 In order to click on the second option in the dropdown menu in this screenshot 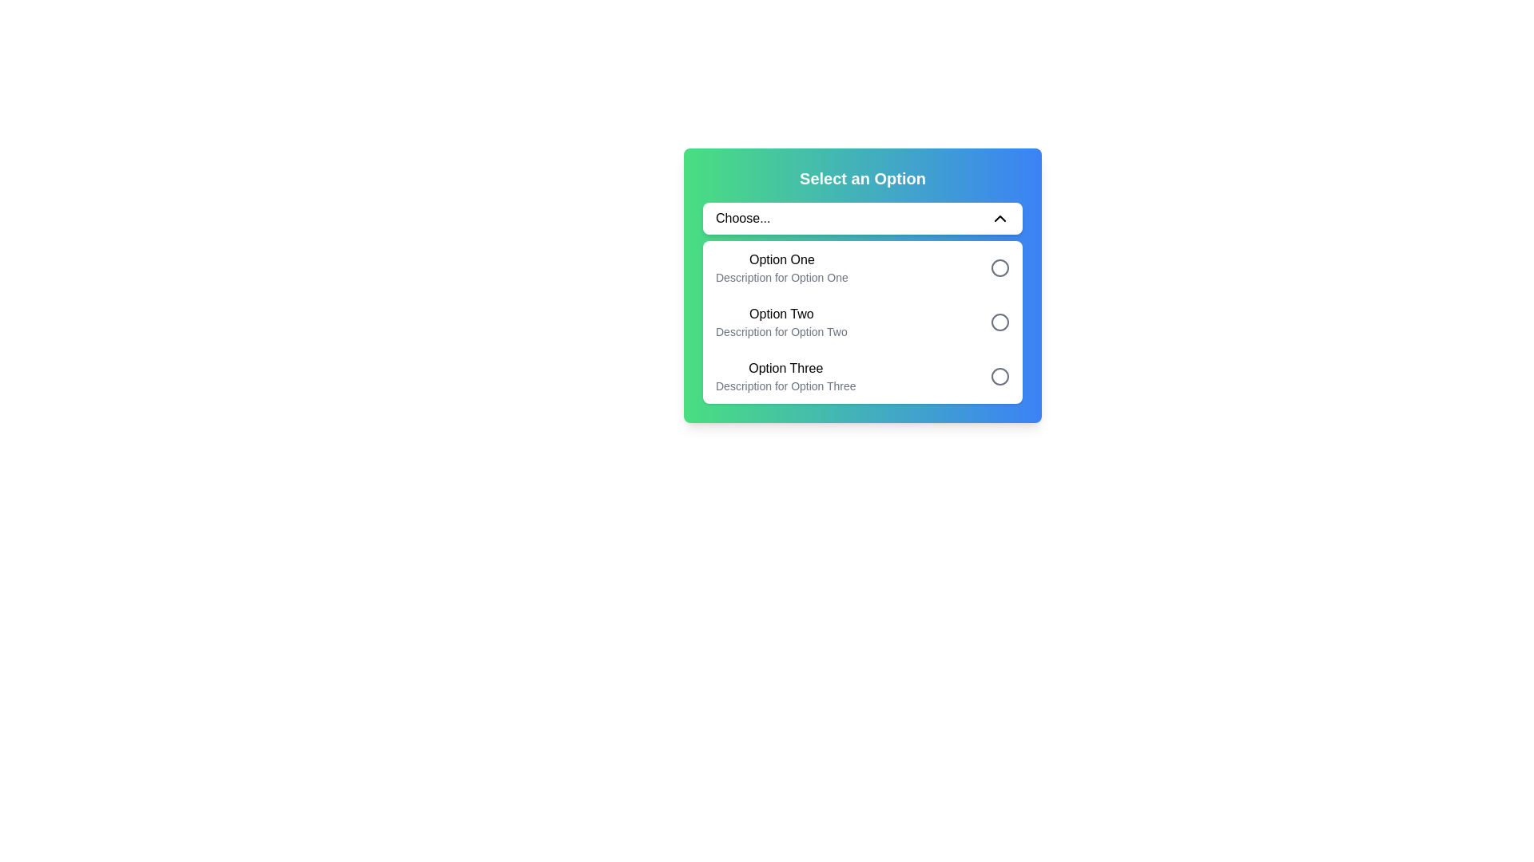, I will do `click(862, 322)`.